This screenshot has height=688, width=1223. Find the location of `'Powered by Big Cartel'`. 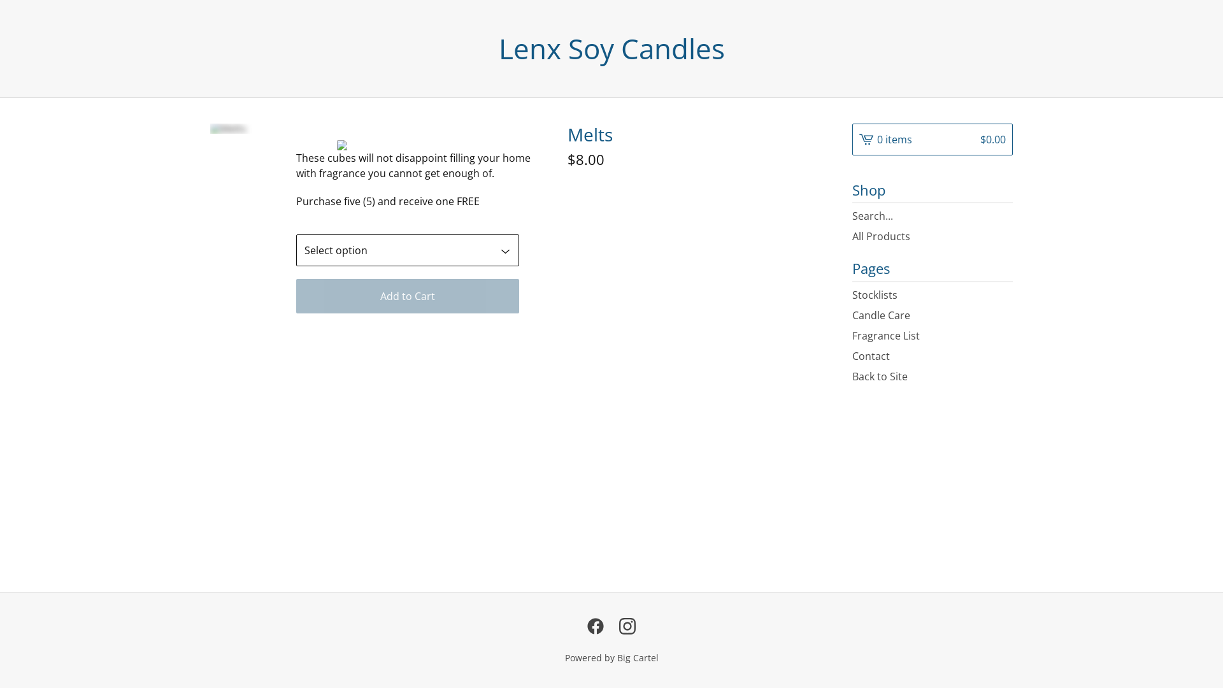

'Powered by Big Cartel' is located at coordinates (610, 657).